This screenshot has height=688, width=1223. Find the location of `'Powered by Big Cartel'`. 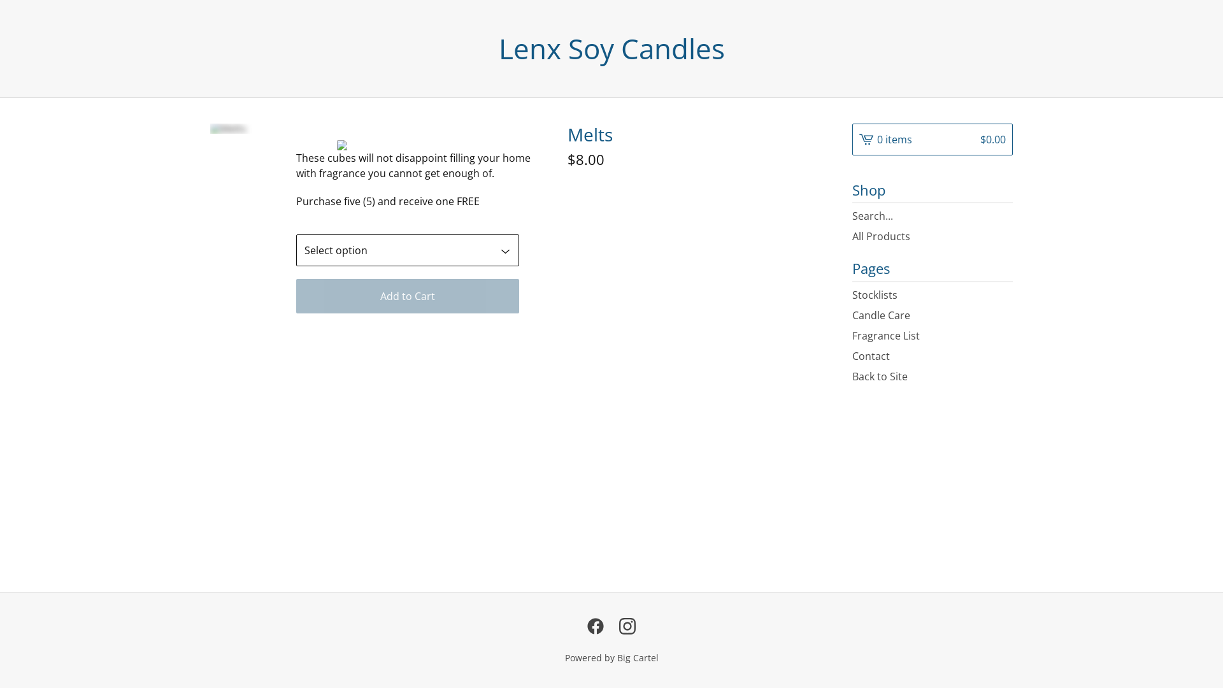

'Powered by Big Cartel' is located at coordinates (610, 657).